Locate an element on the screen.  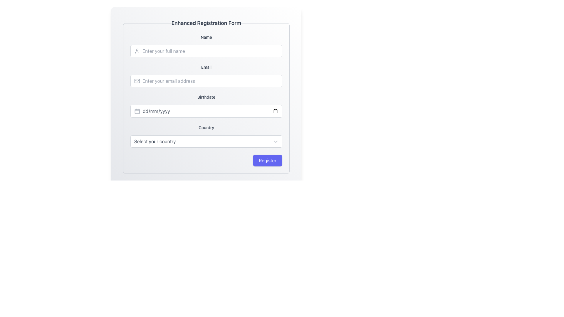
the label indicating the email input field, which is centrally positioned above the corresponding input field is located at coordinates (206, 67).